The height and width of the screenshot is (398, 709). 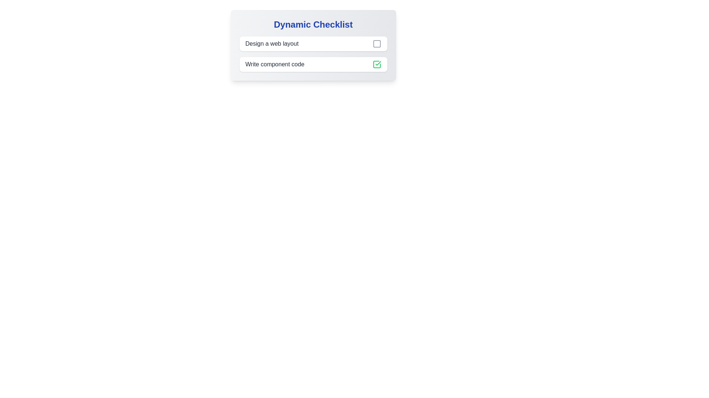 I want to click on the green outlined check mark inside a box located in the second task row titled 'Write component code' in the checklist, so click(x=378, y=63).